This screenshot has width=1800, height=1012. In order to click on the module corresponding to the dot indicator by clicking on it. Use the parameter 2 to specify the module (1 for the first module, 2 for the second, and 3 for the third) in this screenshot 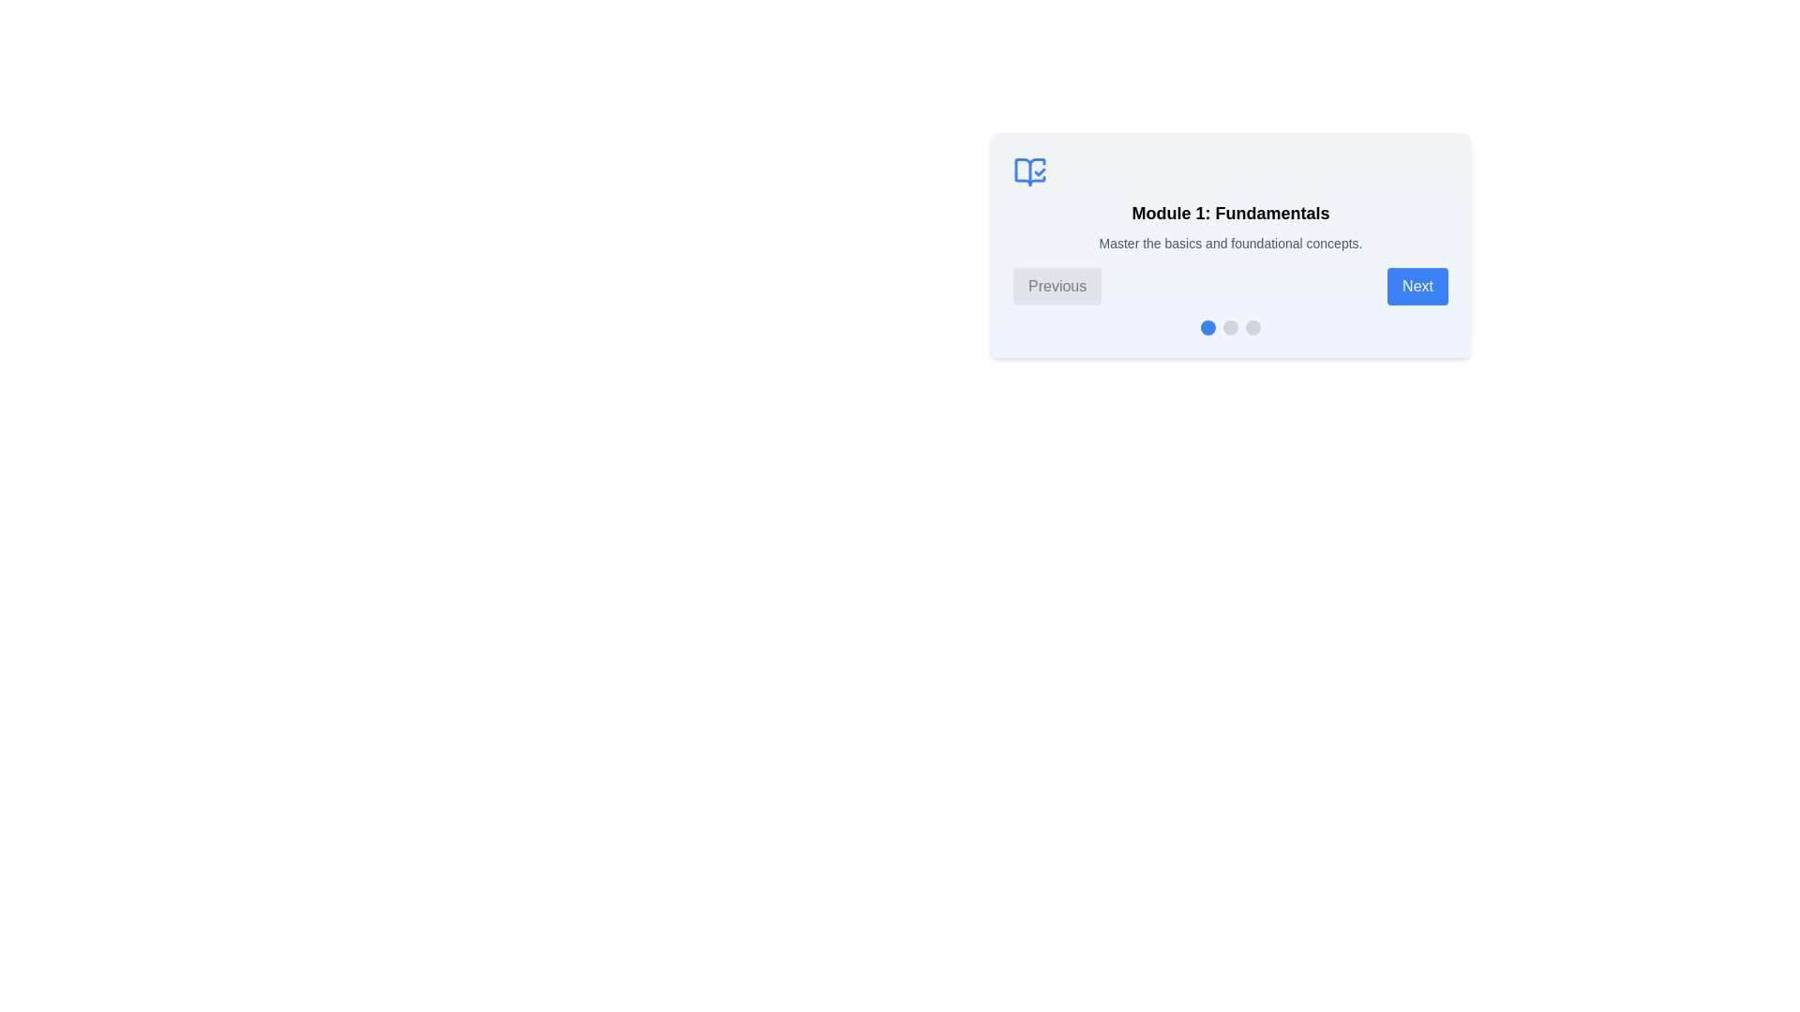, I will do `click(1231, 327)`.